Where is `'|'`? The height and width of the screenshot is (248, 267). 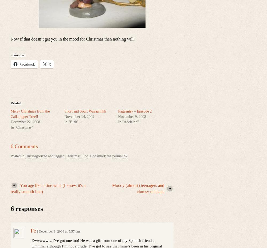
'|' is located at coordinates (38, 231).